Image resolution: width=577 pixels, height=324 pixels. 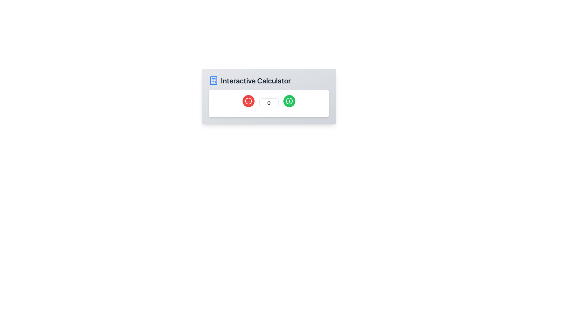 What do you see at coordinates (289, 100) in the screenshot?
I see `the green circular button at the farthest right of the row` at bounding box center [289, 100].